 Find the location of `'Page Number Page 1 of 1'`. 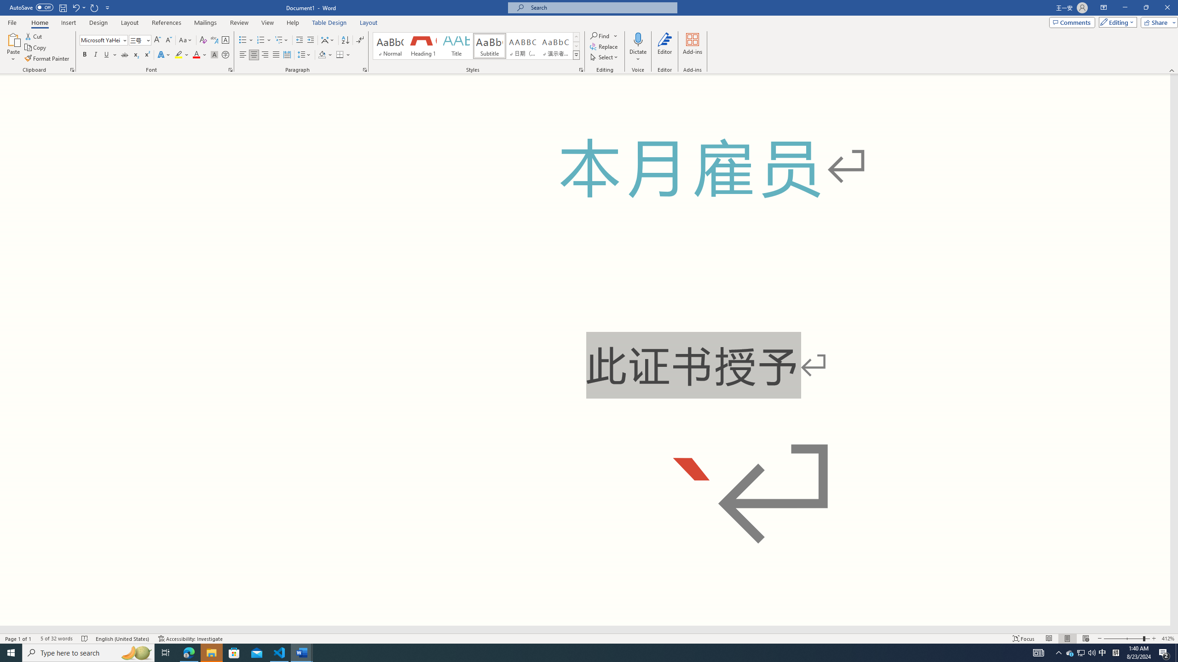

'Page Number Page 1 of 1' is located at coordinates (18, 639).